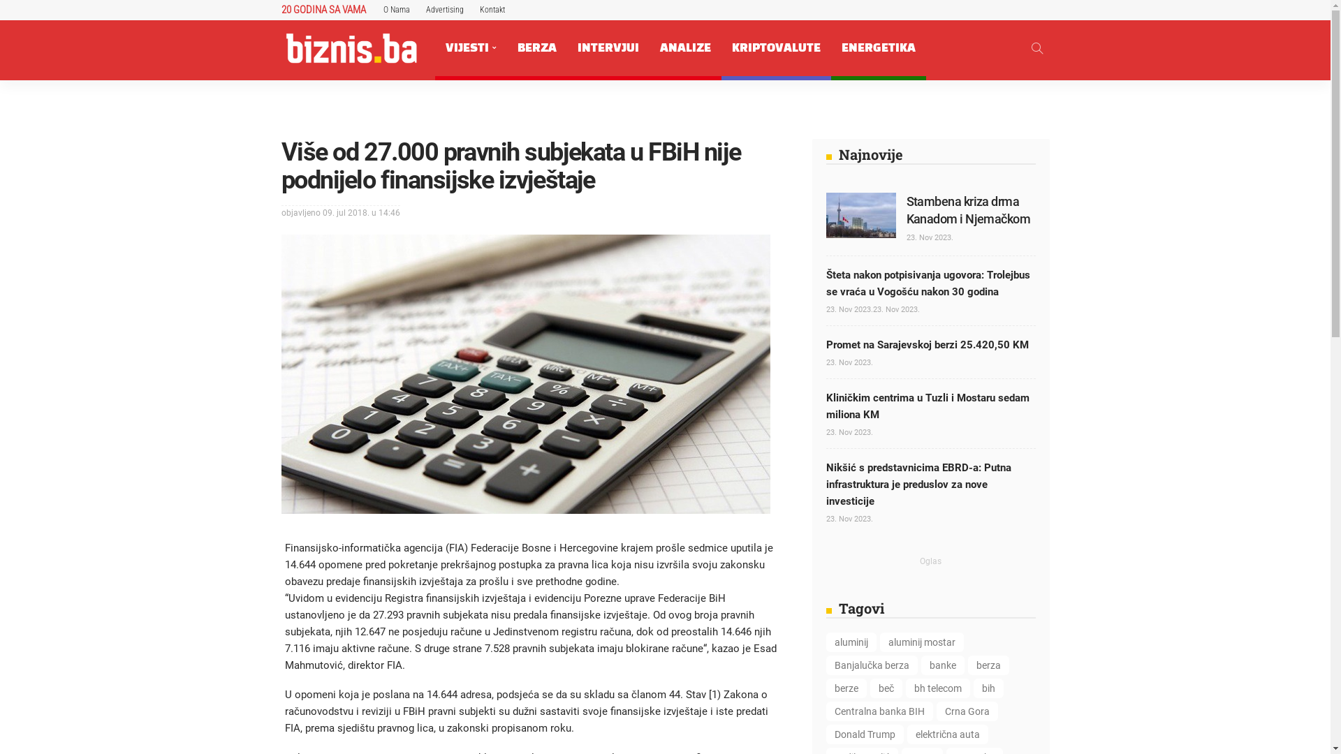 The width and height of the screenshot is (1341, 754). I want to click on 'Donald Trump', so click(863, 734).